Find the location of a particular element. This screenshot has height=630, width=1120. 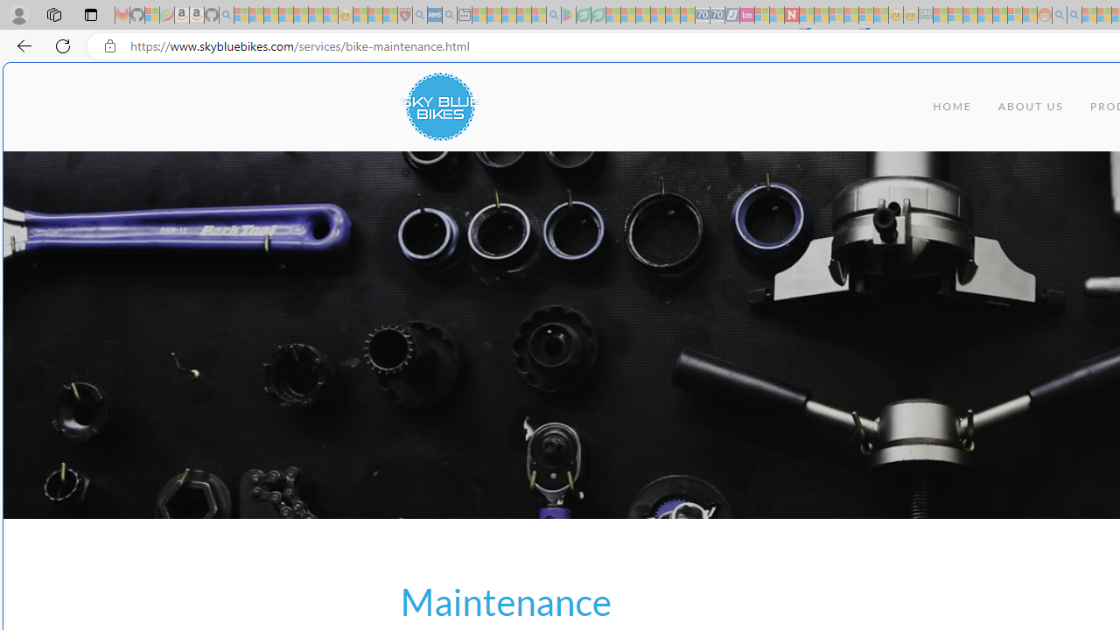

'Expert Portfolios - Sleeping' is located at coordinates (984, 15).